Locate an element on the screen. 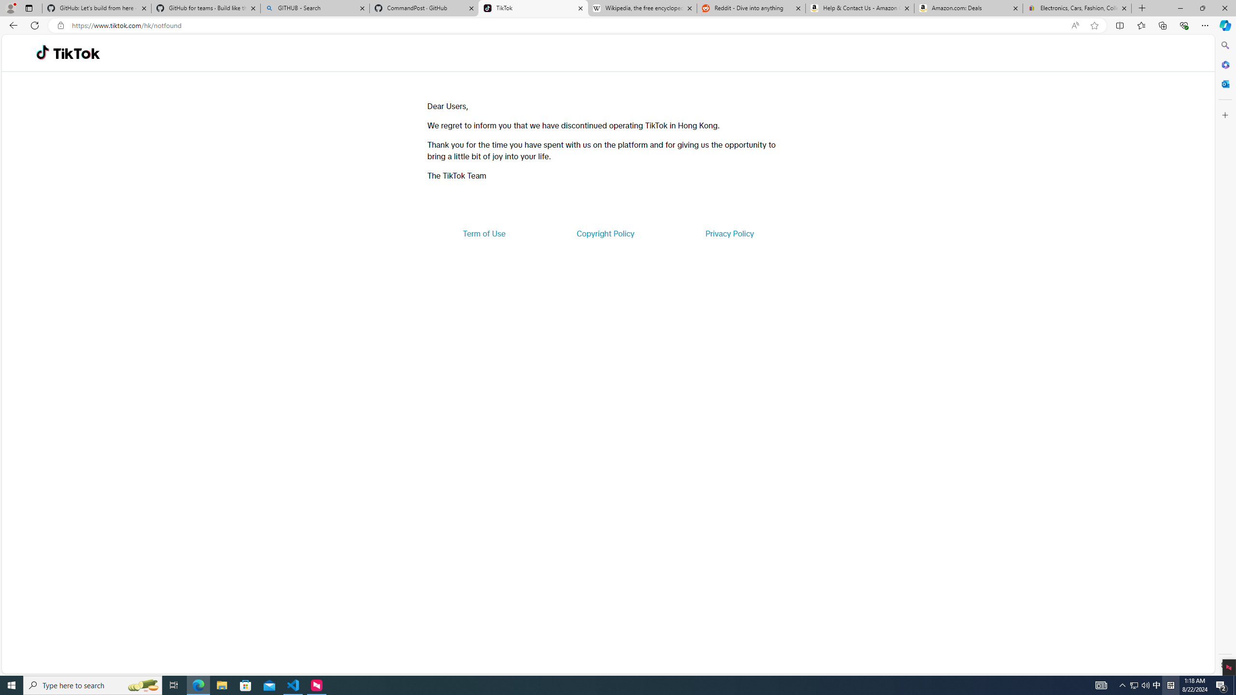 Image resolution: width=1236 pixels, height=695 pixels. 'Help & Contact Us - Amazon Customer Service' is located at coordinates (859, 8).